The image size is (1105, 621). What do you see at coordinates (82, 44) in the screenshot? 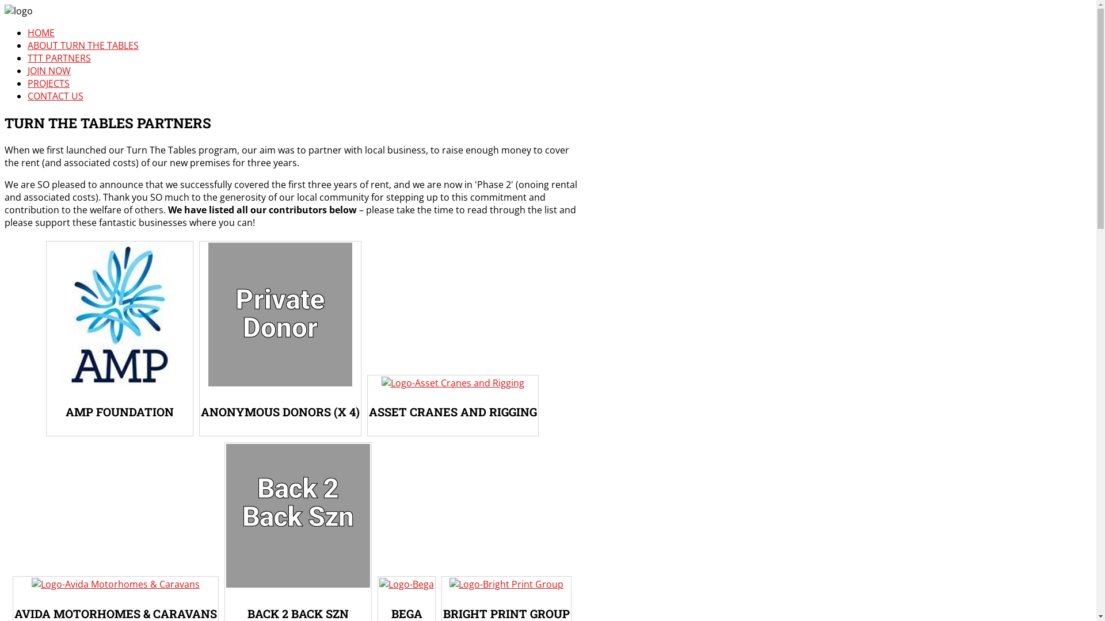
I see `'ABOUT TURN THE TABLES'` at bounding box center [82, 44].